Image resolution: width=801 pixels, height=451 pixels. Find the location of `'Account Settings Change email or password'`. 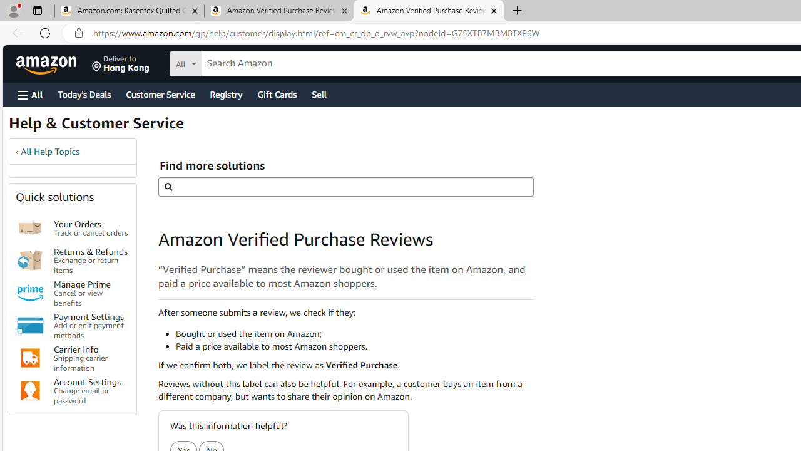

'Account Settings Change email or password' is located at coordinates (90, 390).